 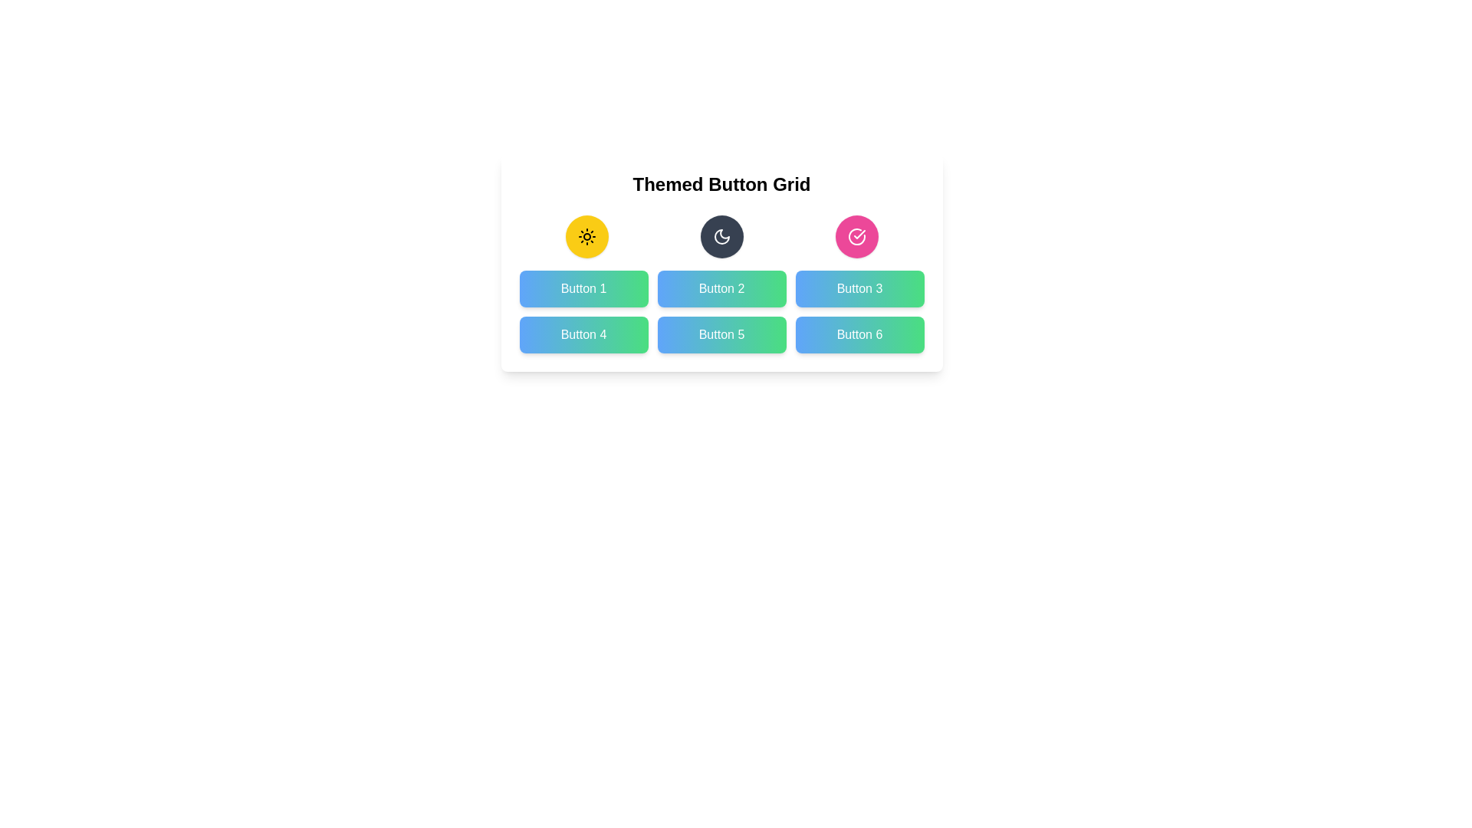 I want to click on the central button labeled 'Button 5' in the grid layout, so click(x=721, y=311).